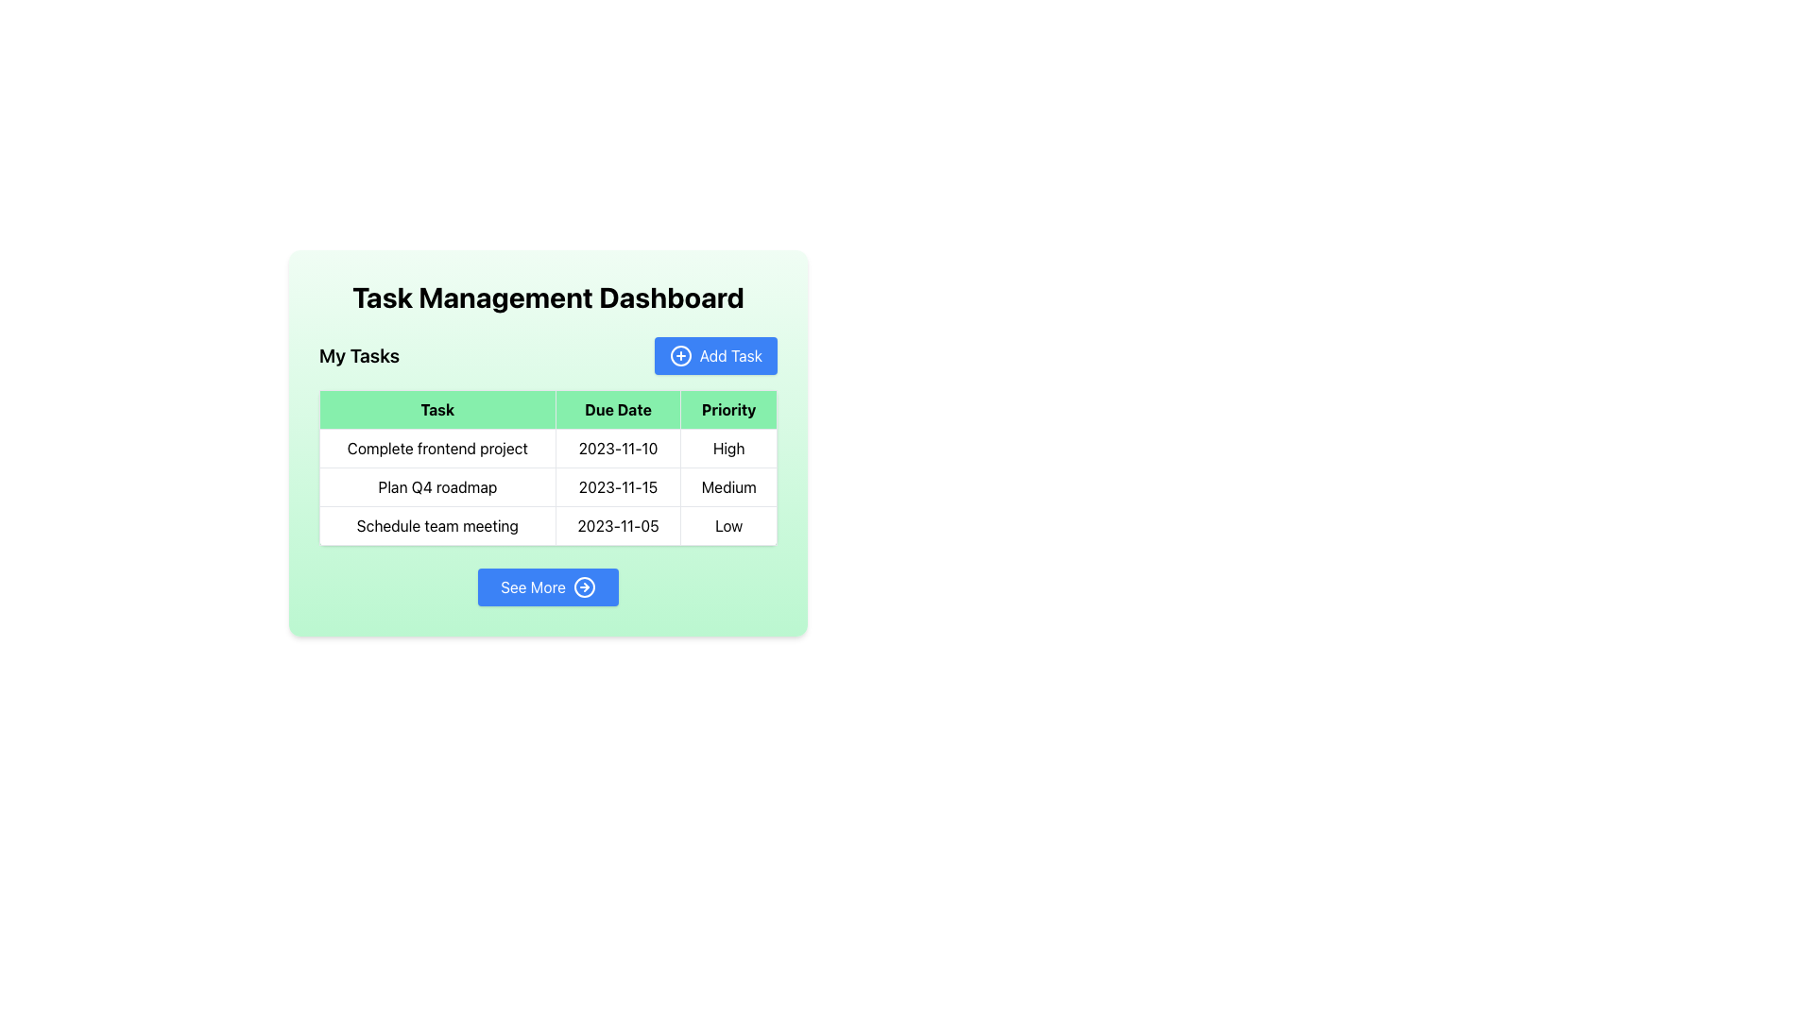 This screenshot has width=1814, height=1020. What do you see at coordinates (618, 525) in the screenshot?
I see `the Text Display element that shows the due date for the task titled 'Schedule team meeting', located in the third row under the 'Due Date' column` at bounding box center [618, 525].